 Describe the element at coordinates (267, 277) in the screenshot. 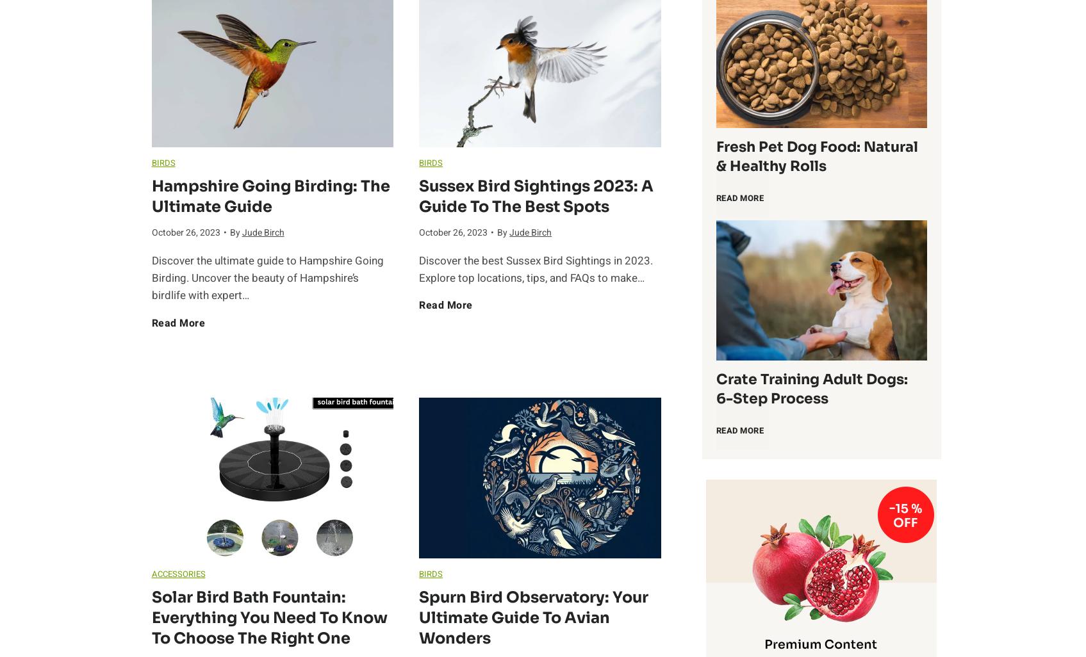

I see `'Discover the ultimate guide to Hampshire Going Birding. Uncover the beauty of Hampshire’s birdlife with expert…'` at that location.